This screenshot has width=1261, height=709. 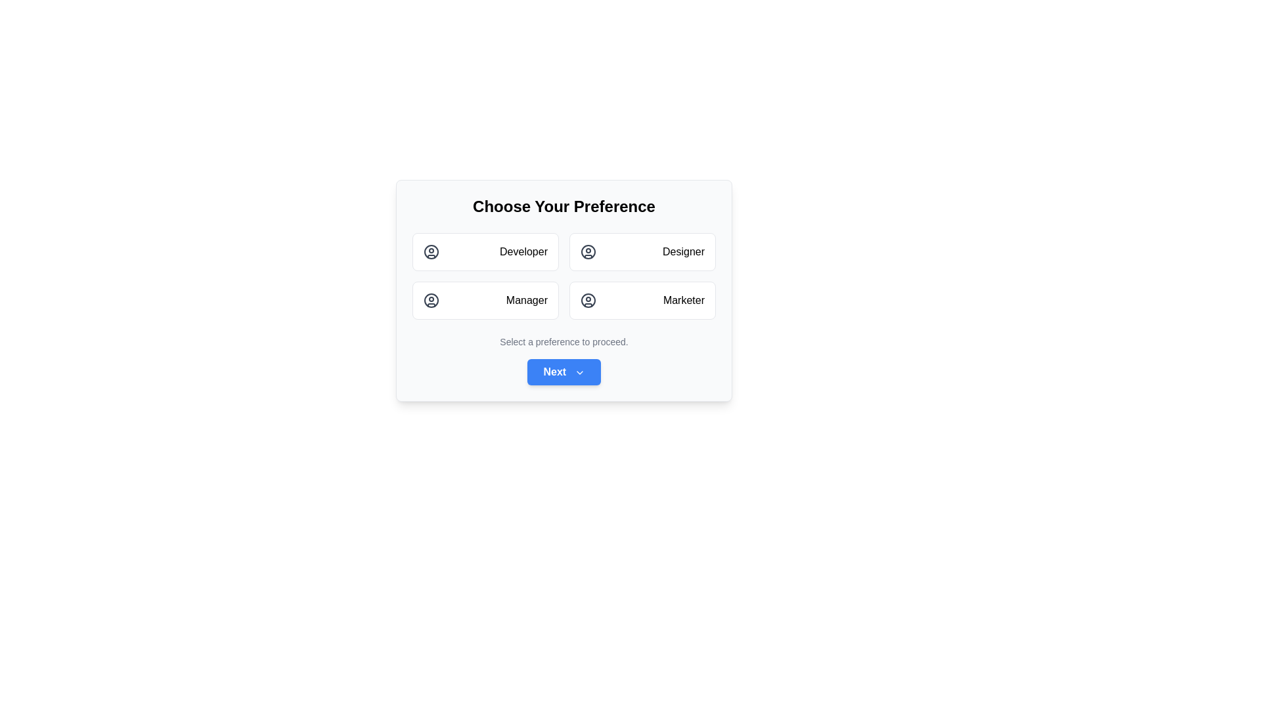 What do you see at coordinates (527, 301) in the screenshot?
I see `the button labeled 'Manager'` at bounding box center [527, 301].